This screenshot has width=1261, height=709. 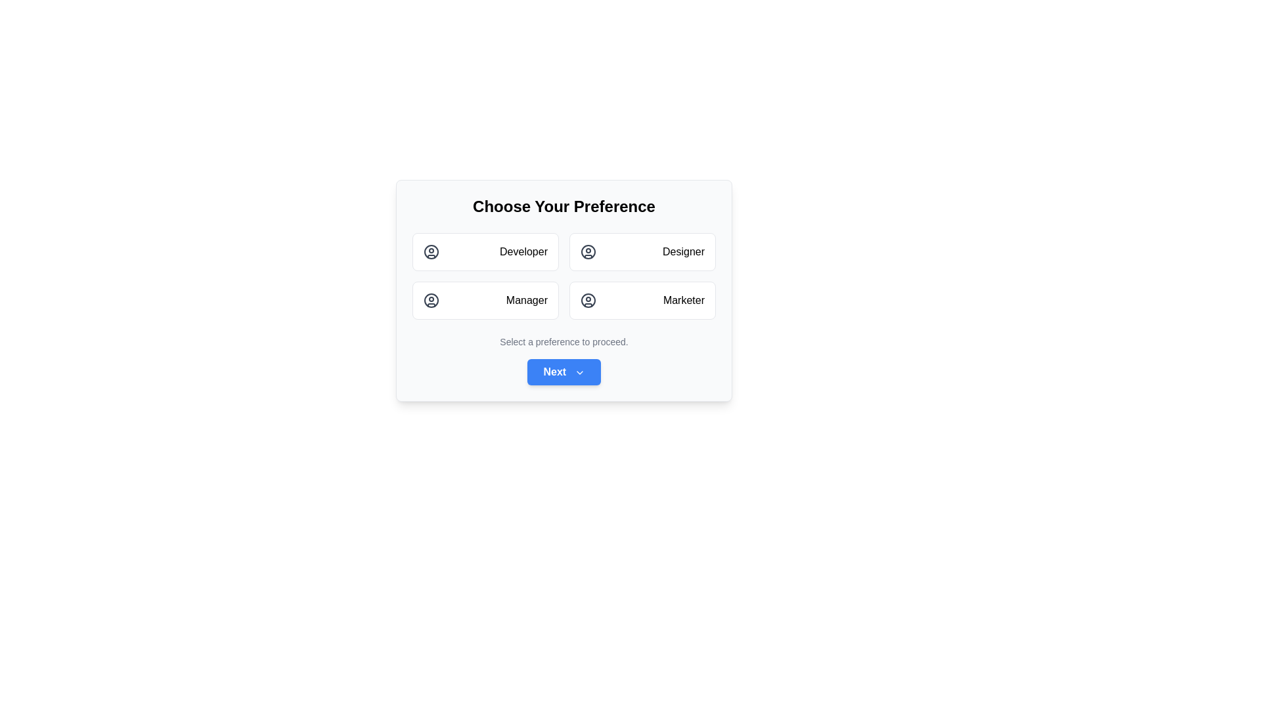 What do you see at coordinates (527, 301) in the screenshot?
I see `the button labeled 'Manager'` at bounding box center [527, 301].